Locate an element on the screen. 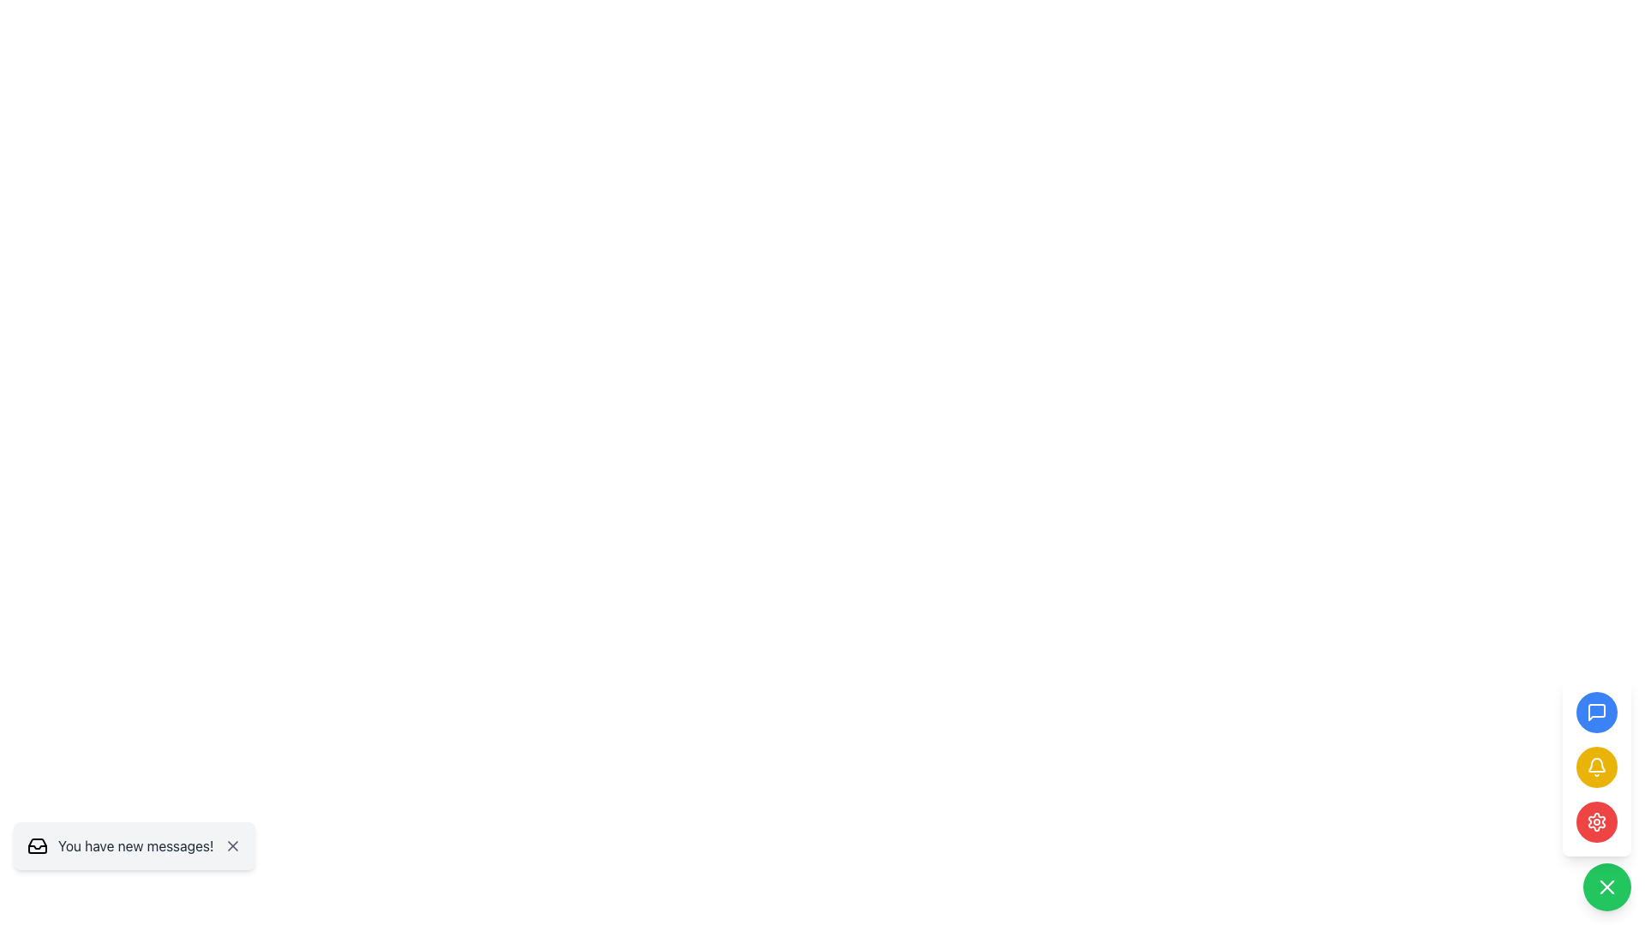 The image size is (1645, 925). the gear-shaped icon button with a red circular background on the right edge of the interface is located at coordinates (1595, 821).